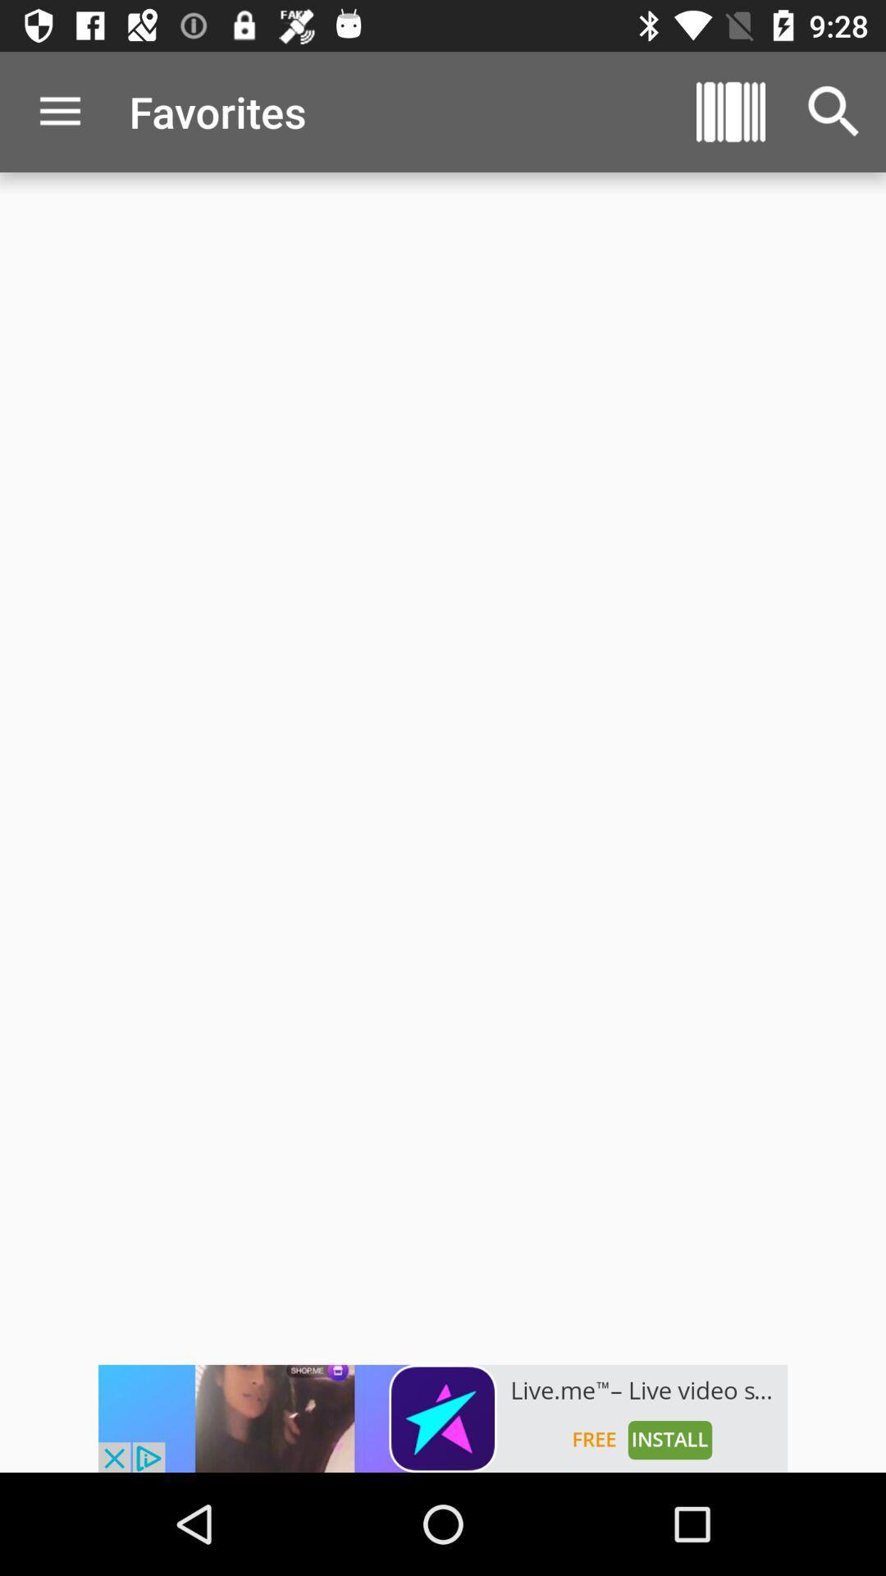  I want to click on visit sponsor advertisement, so click(443, 1418).